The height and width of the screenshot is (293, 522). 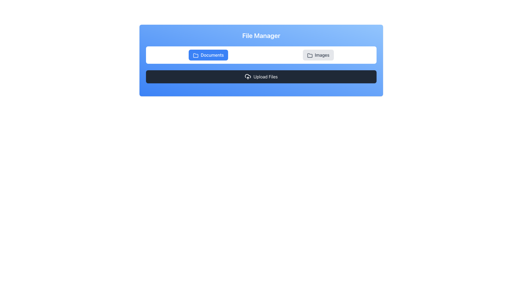 I want to click on the outline-style folder icon located to the left of the 'Images' label beneath the 'File Manager' heading, so click(x=310, y=55).